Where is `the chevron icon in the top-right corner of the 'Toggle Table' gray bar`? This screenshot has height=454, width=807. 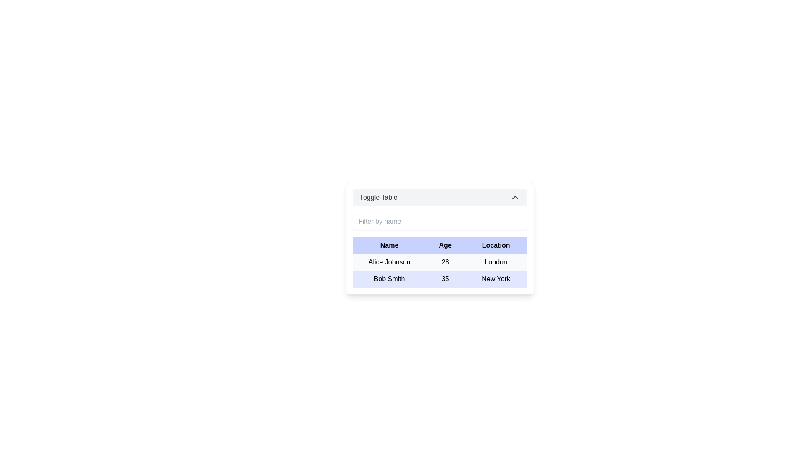
the chevron icon in the top-right corner of the 'Toggle Table' gray bar is located at coordinates (514, 198).